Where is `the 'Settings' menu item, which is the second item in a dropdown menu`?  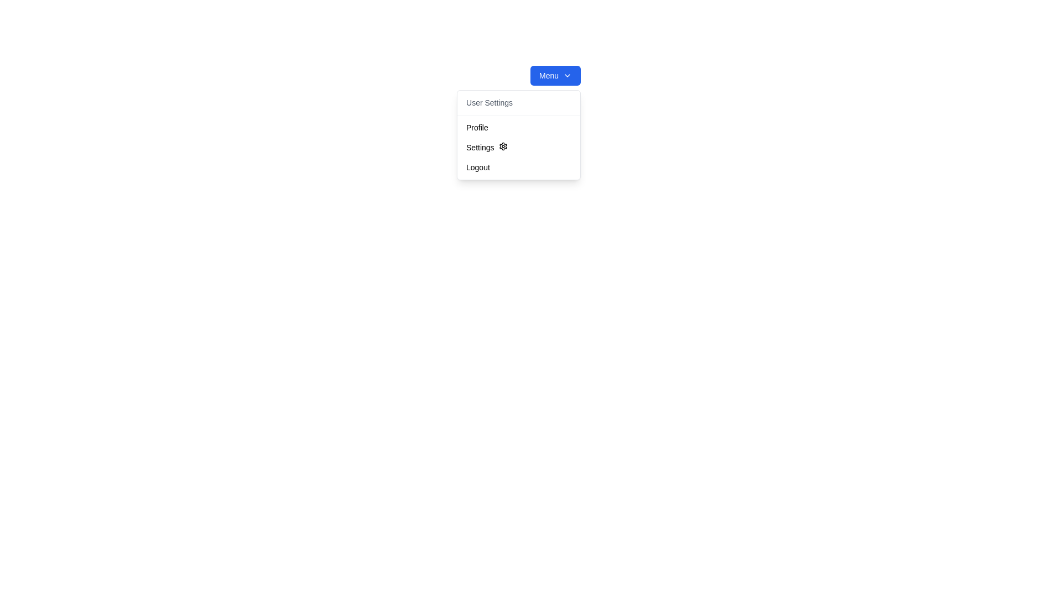 the 'Settings' menu item, which is the second item in a dropdown menu is located at coordinates (518, 146).